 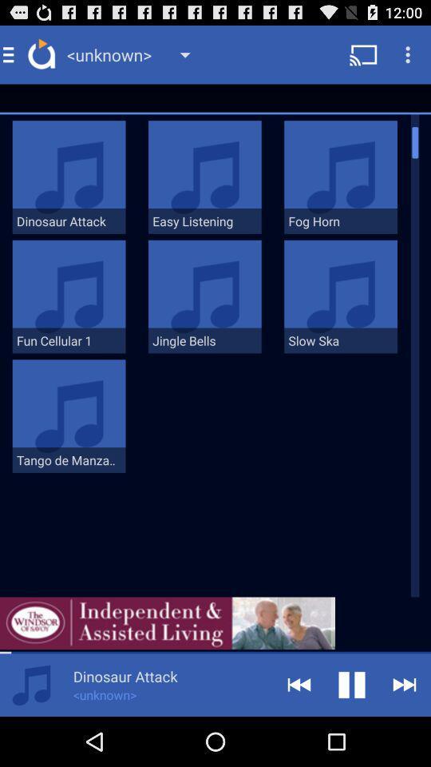 I want to click on the av_rewind icon, so click(x=299, y=733).